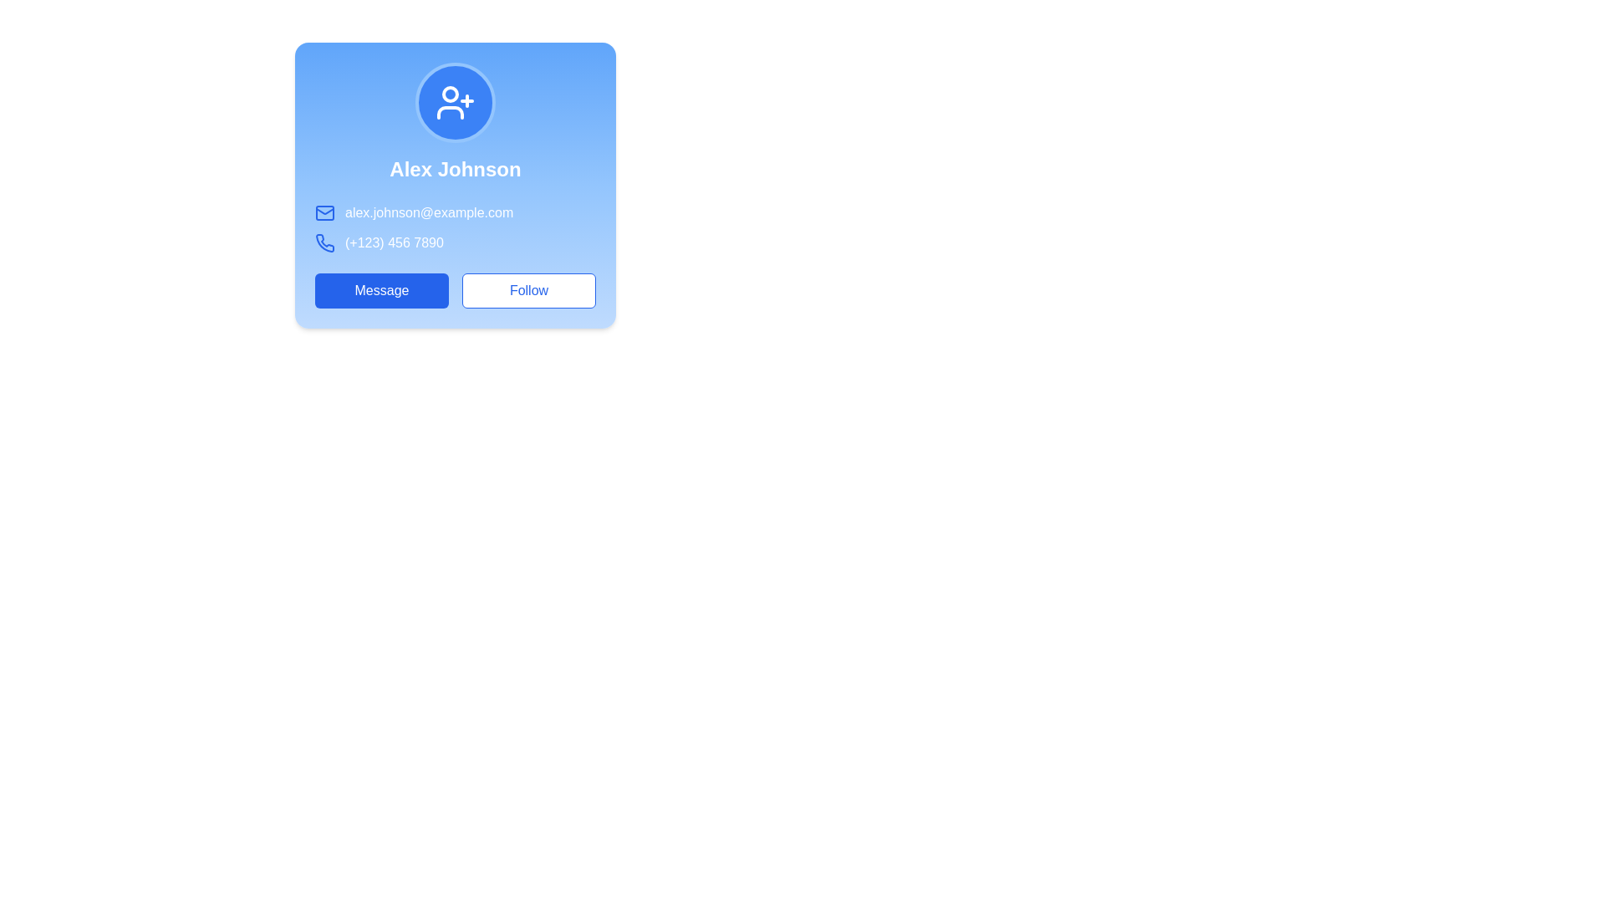 Image resolution: width=1605 pixels, height=903 pixels. What do you see at coordinates (324, 242) in the screenshot?
I see `the bright blue phone icon located to the left of the phone number '(+123) 456 7890' in the contact details section` at bounding box center [324, 242].